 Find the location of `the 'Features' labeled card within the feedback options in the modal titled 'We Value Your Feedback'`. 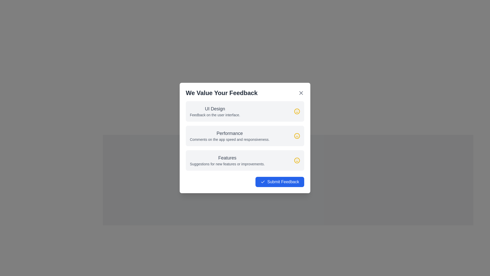

the 'Features' labeled card within the feedback options in the modal titled 'We Value Your Feedback' is located at coordinates (227, 160).